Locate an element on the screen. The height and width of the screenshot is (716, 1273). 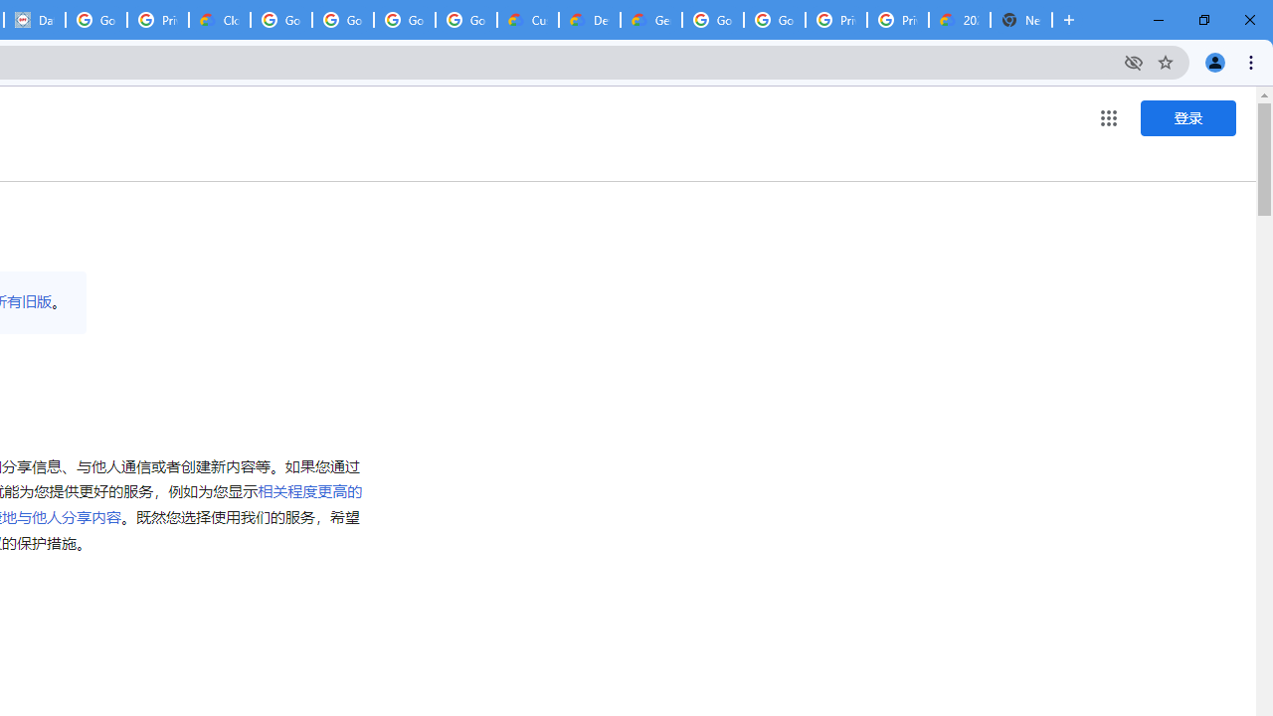
'Cloud Data Processing Addendum | Google Cloud' is located at coordinates (219, 20).